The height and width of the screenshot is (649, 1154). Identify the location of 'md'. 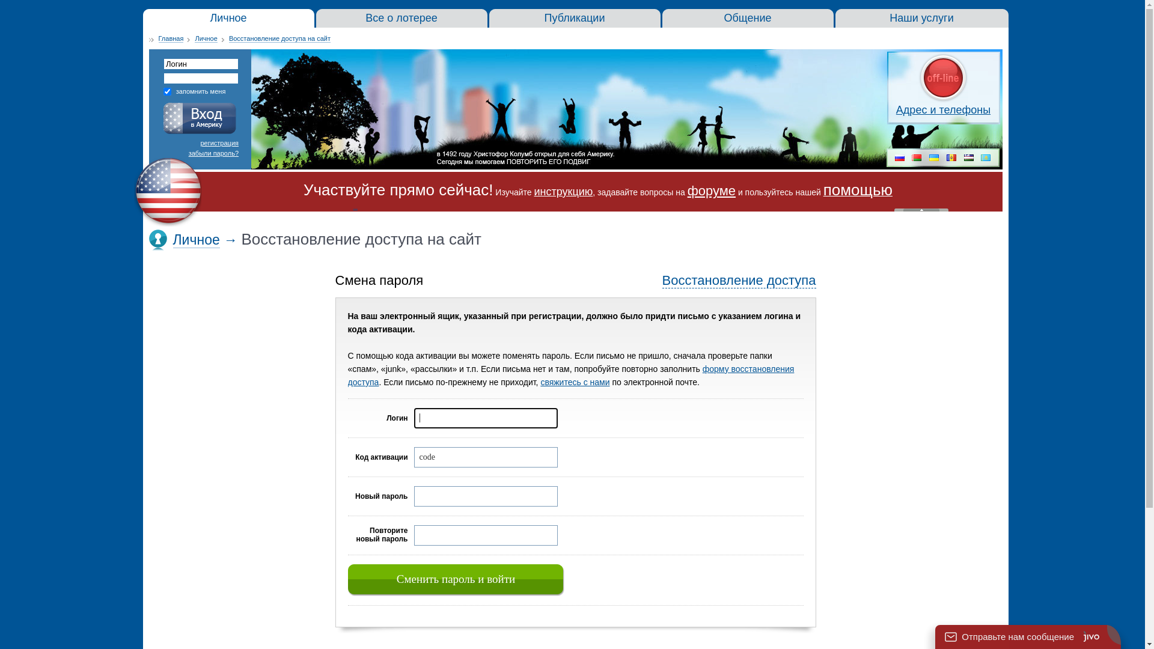
(951, 158).